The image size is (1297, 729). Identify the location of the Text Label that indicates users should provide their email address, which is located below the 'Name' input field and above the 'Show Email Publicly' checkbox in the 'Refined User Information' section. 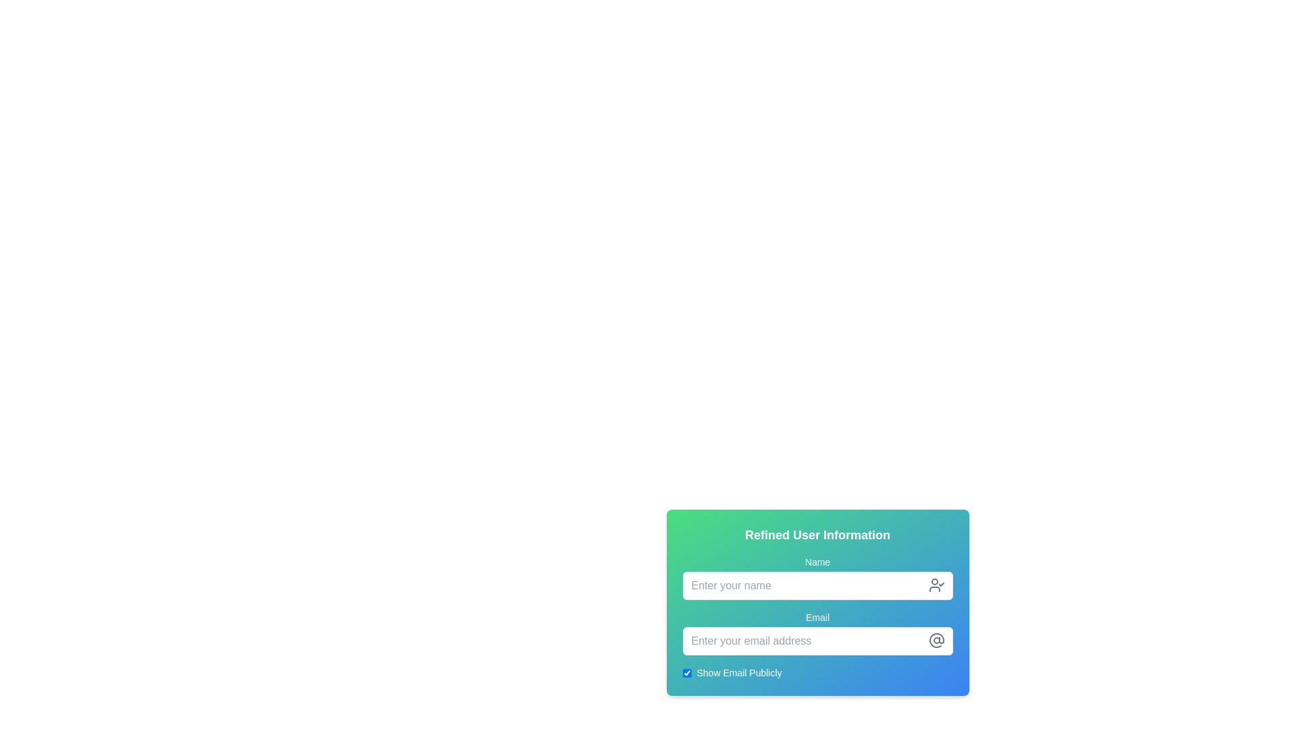
(817, 632).